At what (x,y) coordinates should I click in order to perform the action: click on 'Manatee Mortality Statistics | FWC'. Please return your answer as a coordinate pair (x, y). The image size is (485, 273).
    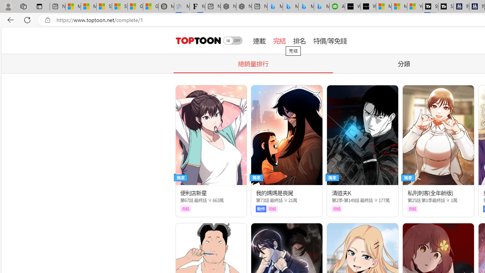
    Looking at the image, I should click on (166, 6).